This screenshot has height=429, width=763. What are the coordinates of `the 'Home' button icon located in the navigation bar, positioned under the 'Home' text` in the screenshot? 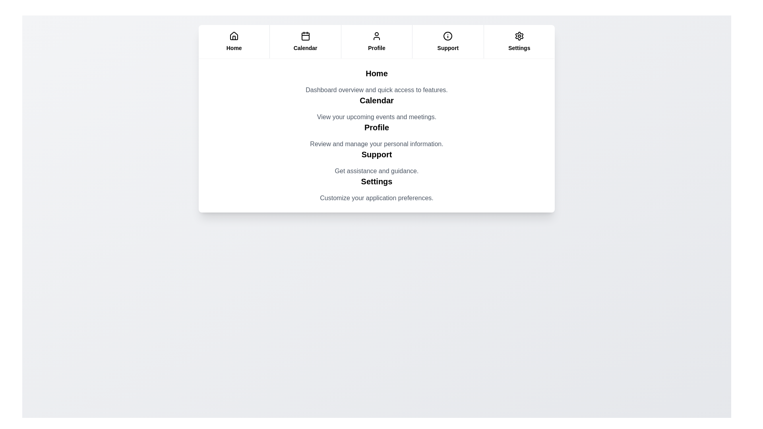 It's located at (234, 36).